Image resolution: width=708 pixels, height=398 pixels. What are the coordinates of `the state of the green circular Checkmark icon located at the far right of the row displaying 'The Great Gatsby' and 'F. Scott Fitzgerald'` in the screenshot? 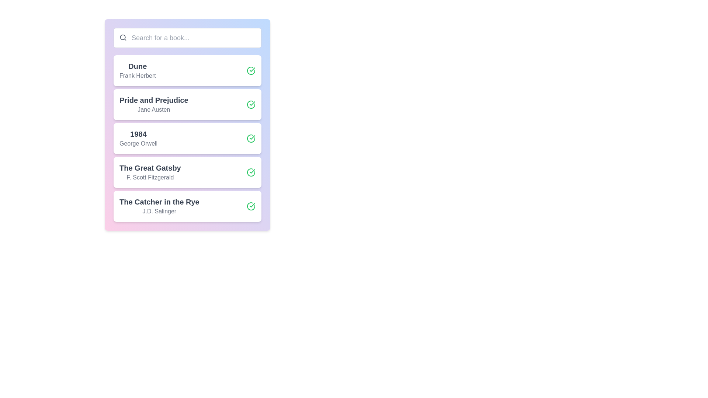 It's located at (251, 172).